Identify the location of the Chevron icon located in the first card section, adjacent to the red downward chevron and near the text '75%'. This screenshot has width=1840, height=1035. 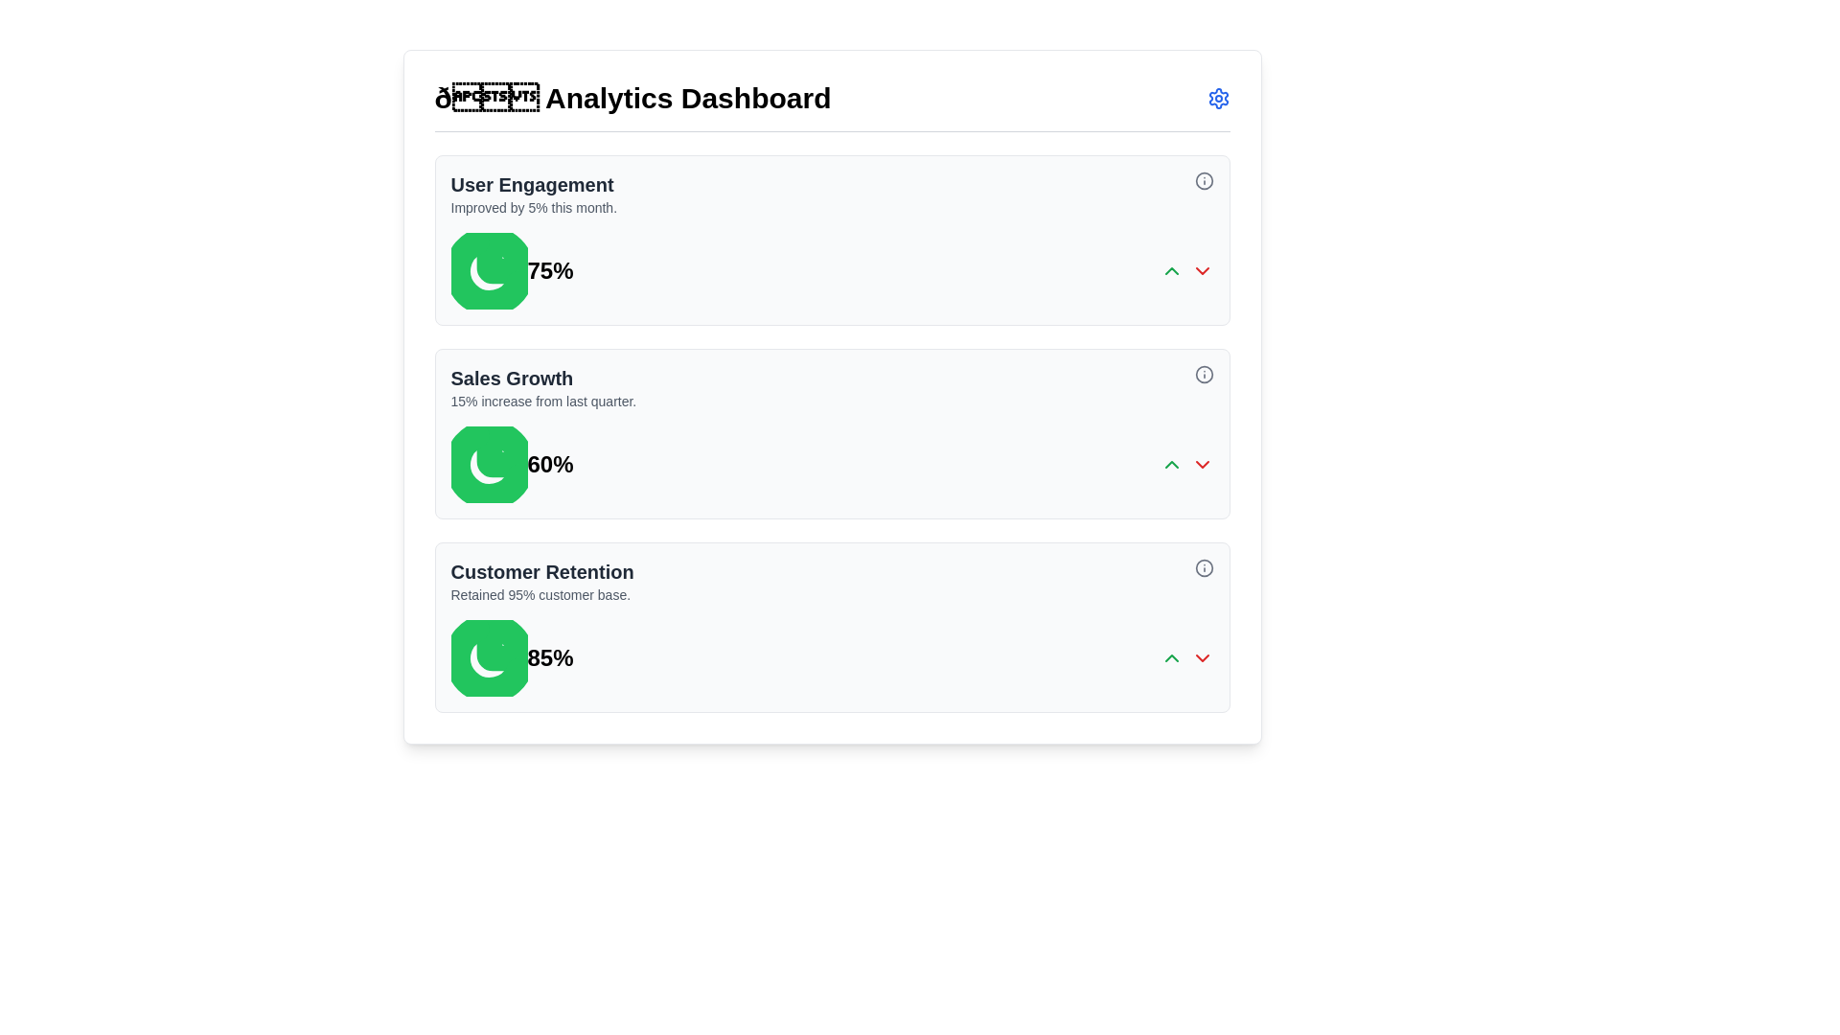
(1170, 270).